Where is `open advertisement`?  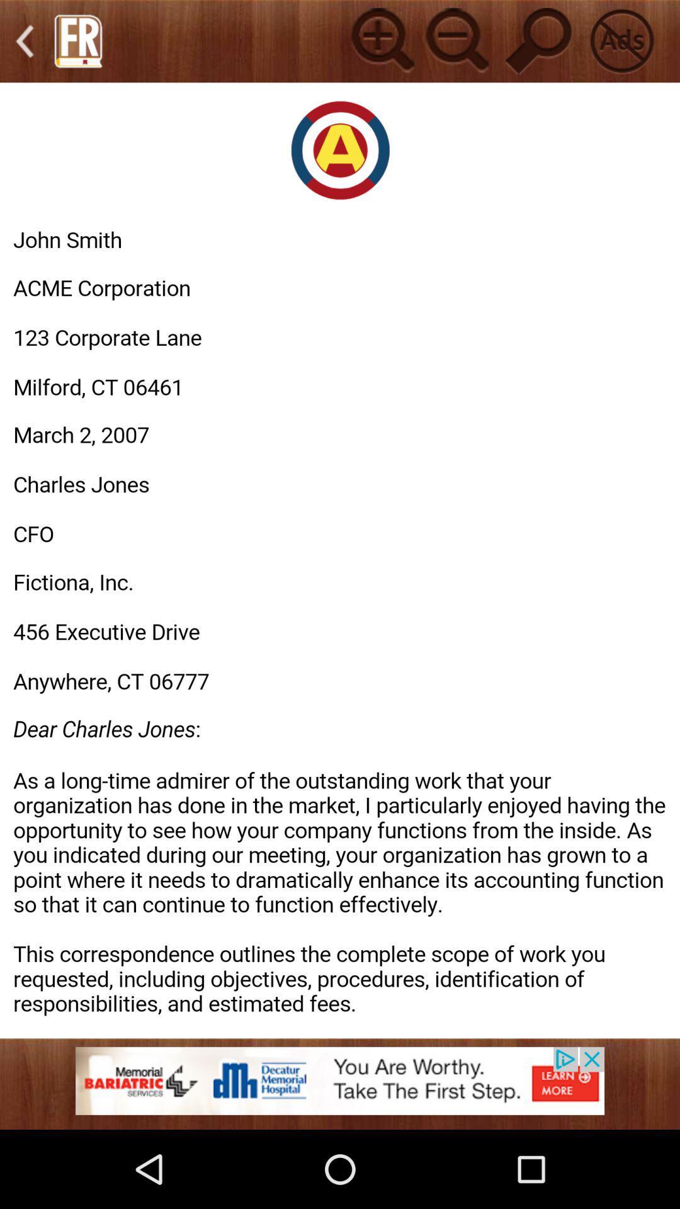
open advertisement is located at coordinates (340, 1087).